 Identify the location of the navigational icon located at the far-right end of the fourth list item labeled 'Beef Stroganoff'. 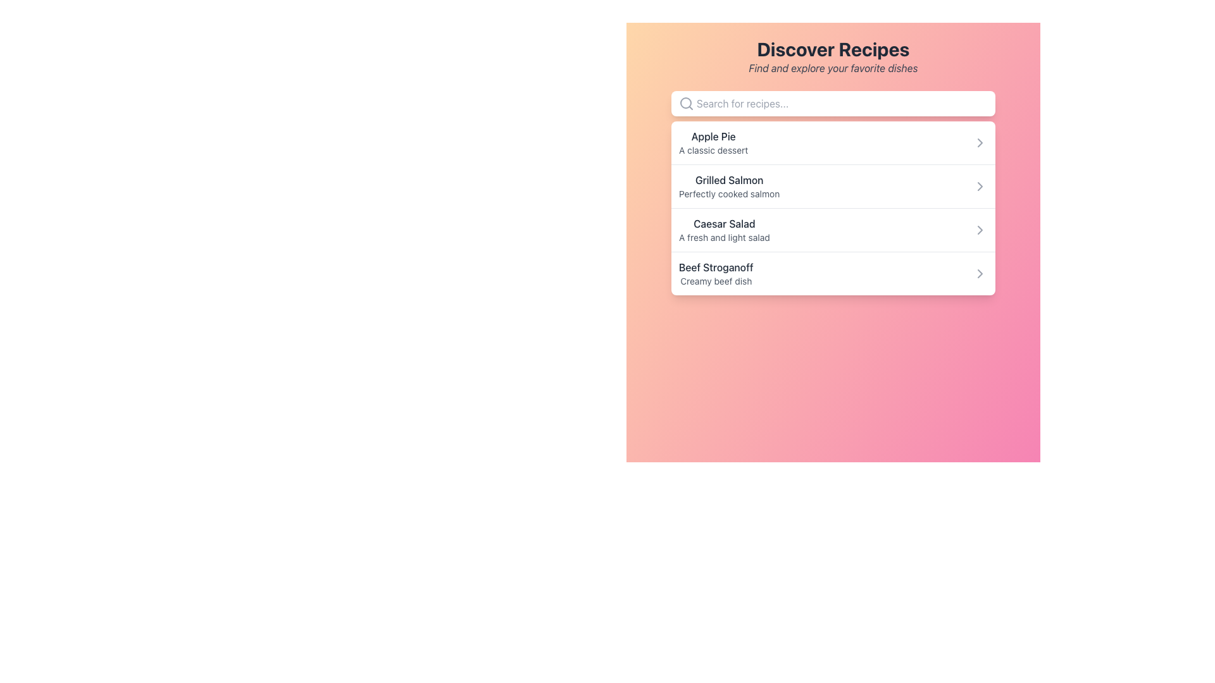
(980, 273).